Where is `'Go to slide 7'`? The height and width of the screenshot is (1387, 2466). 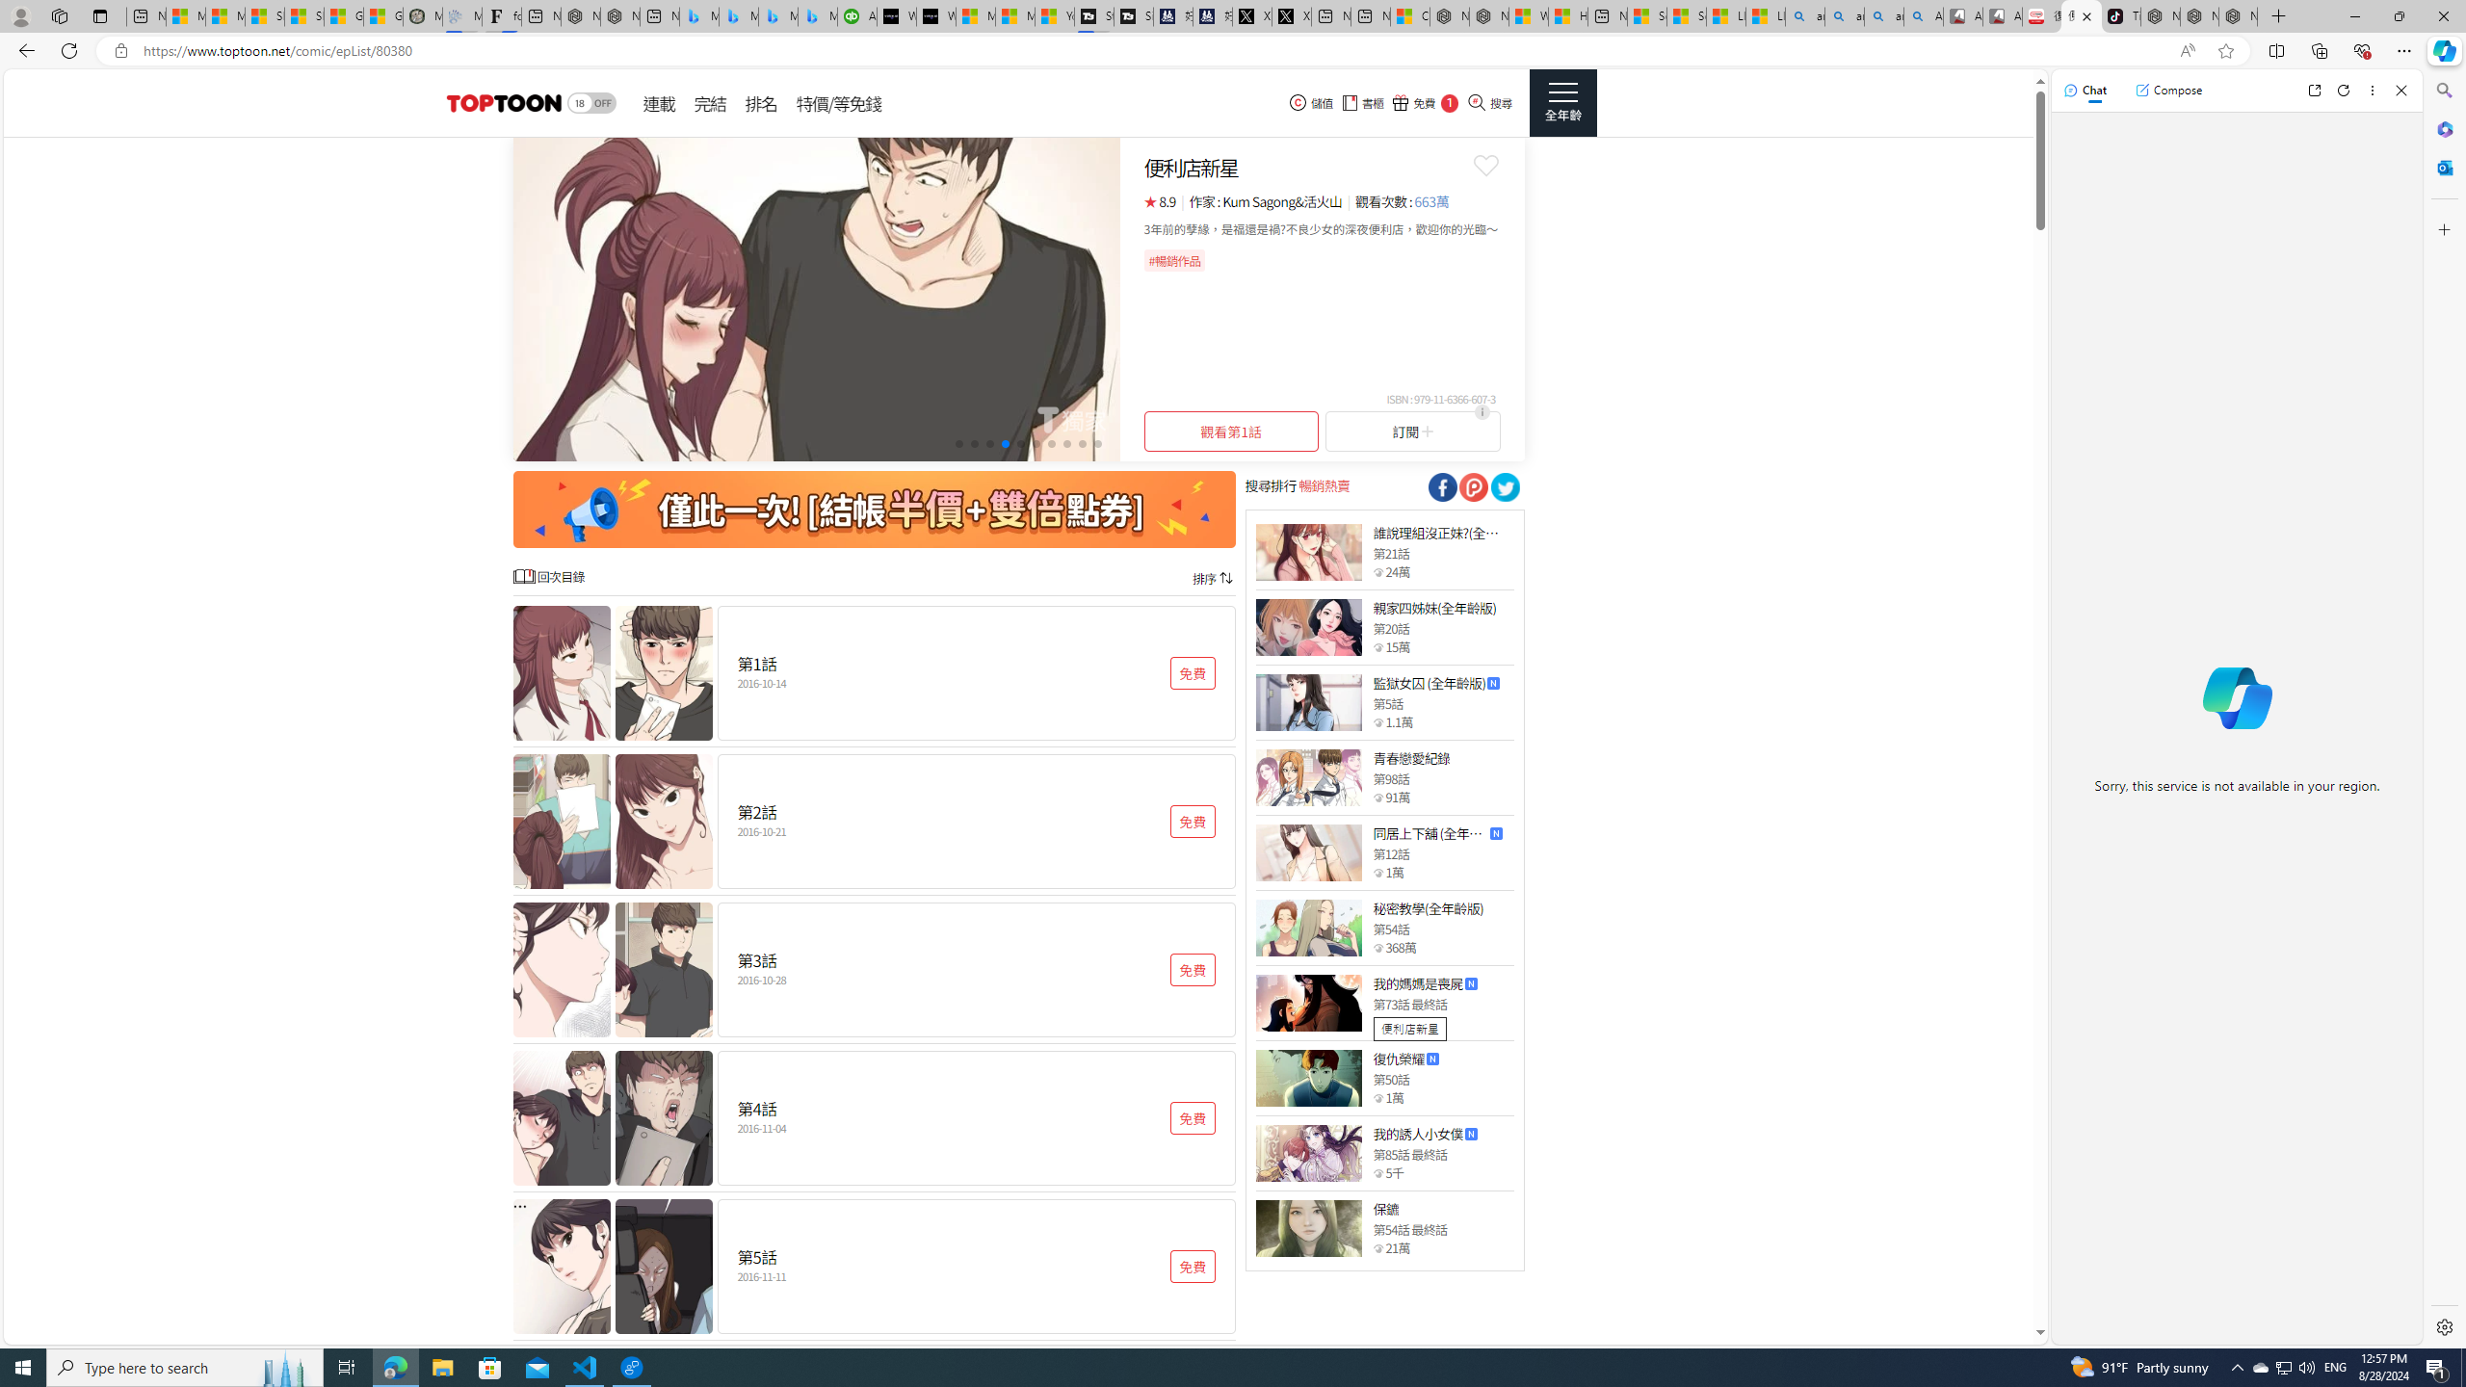 'Go to slide 7' is located at coordinates (1051, 442).